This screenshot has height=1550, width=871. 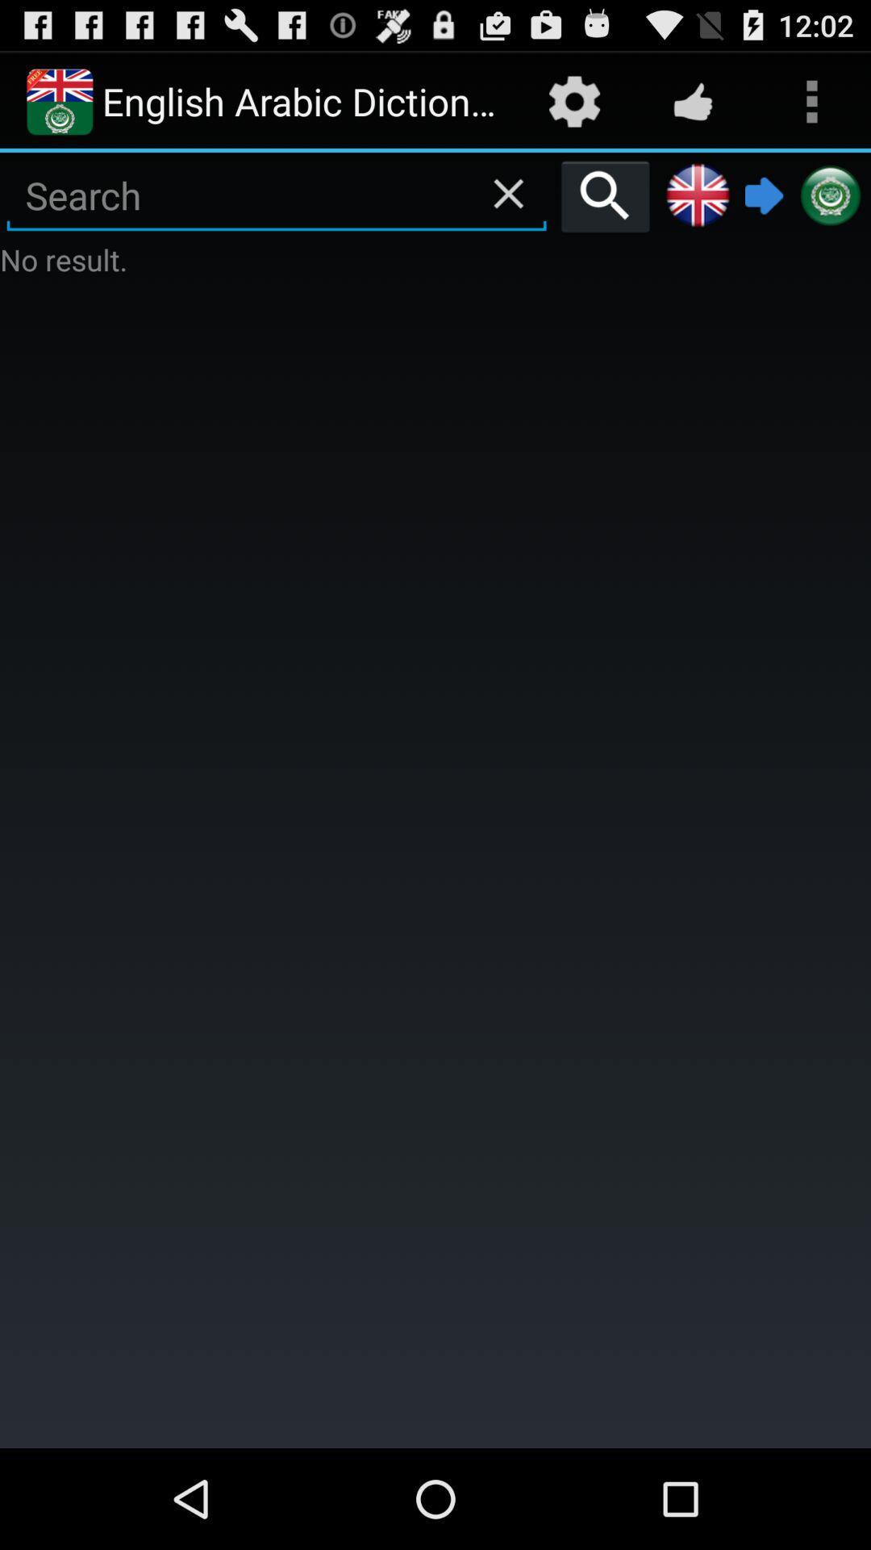 I want to click on the icon next to search icon, so click(x=698, y=195).